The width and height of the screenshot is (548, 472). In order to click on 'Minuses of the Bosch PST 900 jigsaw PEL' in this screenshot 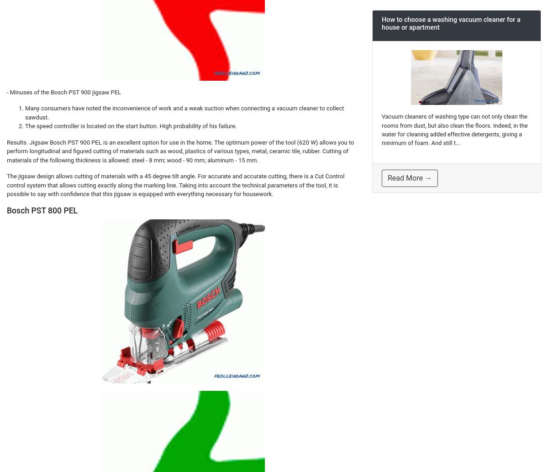, I will do `click(65, 92)`.